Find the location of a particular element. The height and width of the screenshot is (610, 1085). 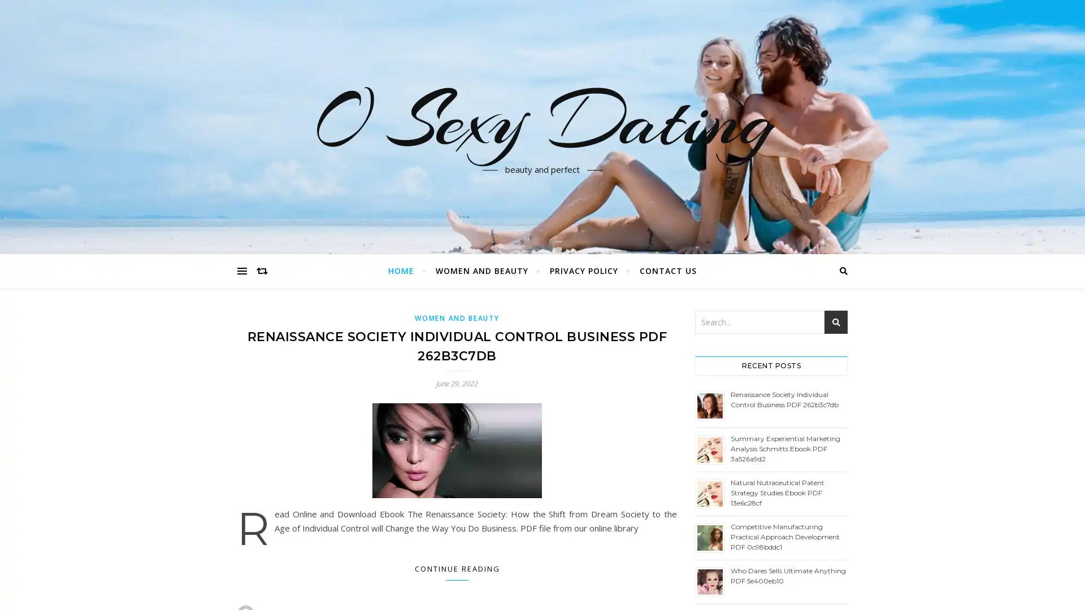

st is located at coordinates (836, 322).